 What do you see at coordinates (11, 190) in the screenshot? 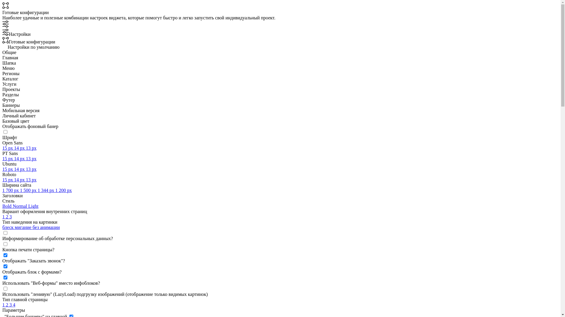
I see `'1 700 px'` at bounding box center [11, 190].